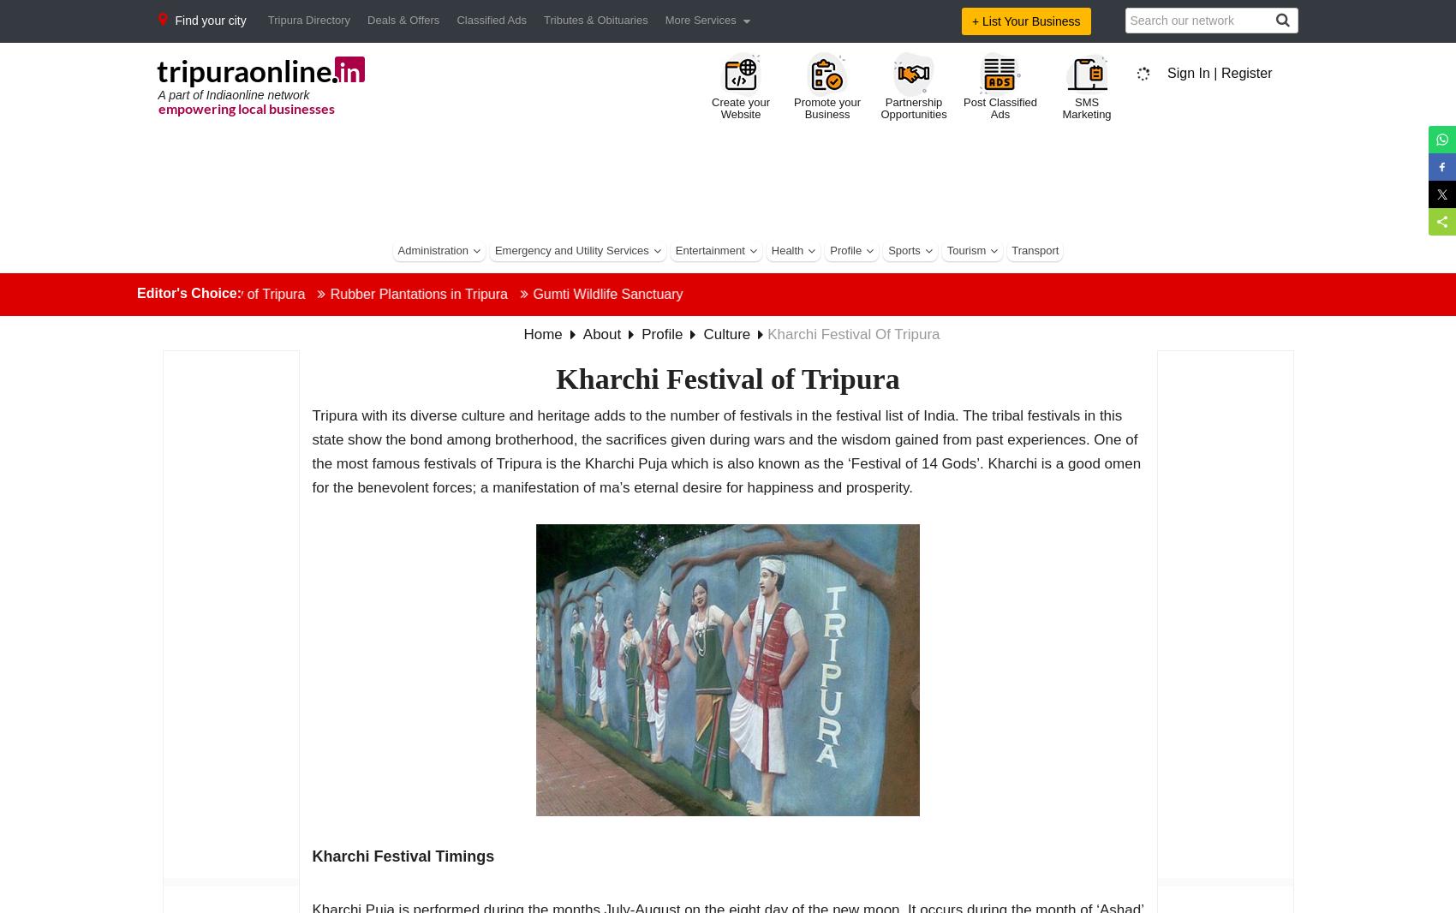  What do you see at coordinates (1000, 107) in the screenshot?
I see `'Post Classified Ads'` at bounding box center [1000, 107].